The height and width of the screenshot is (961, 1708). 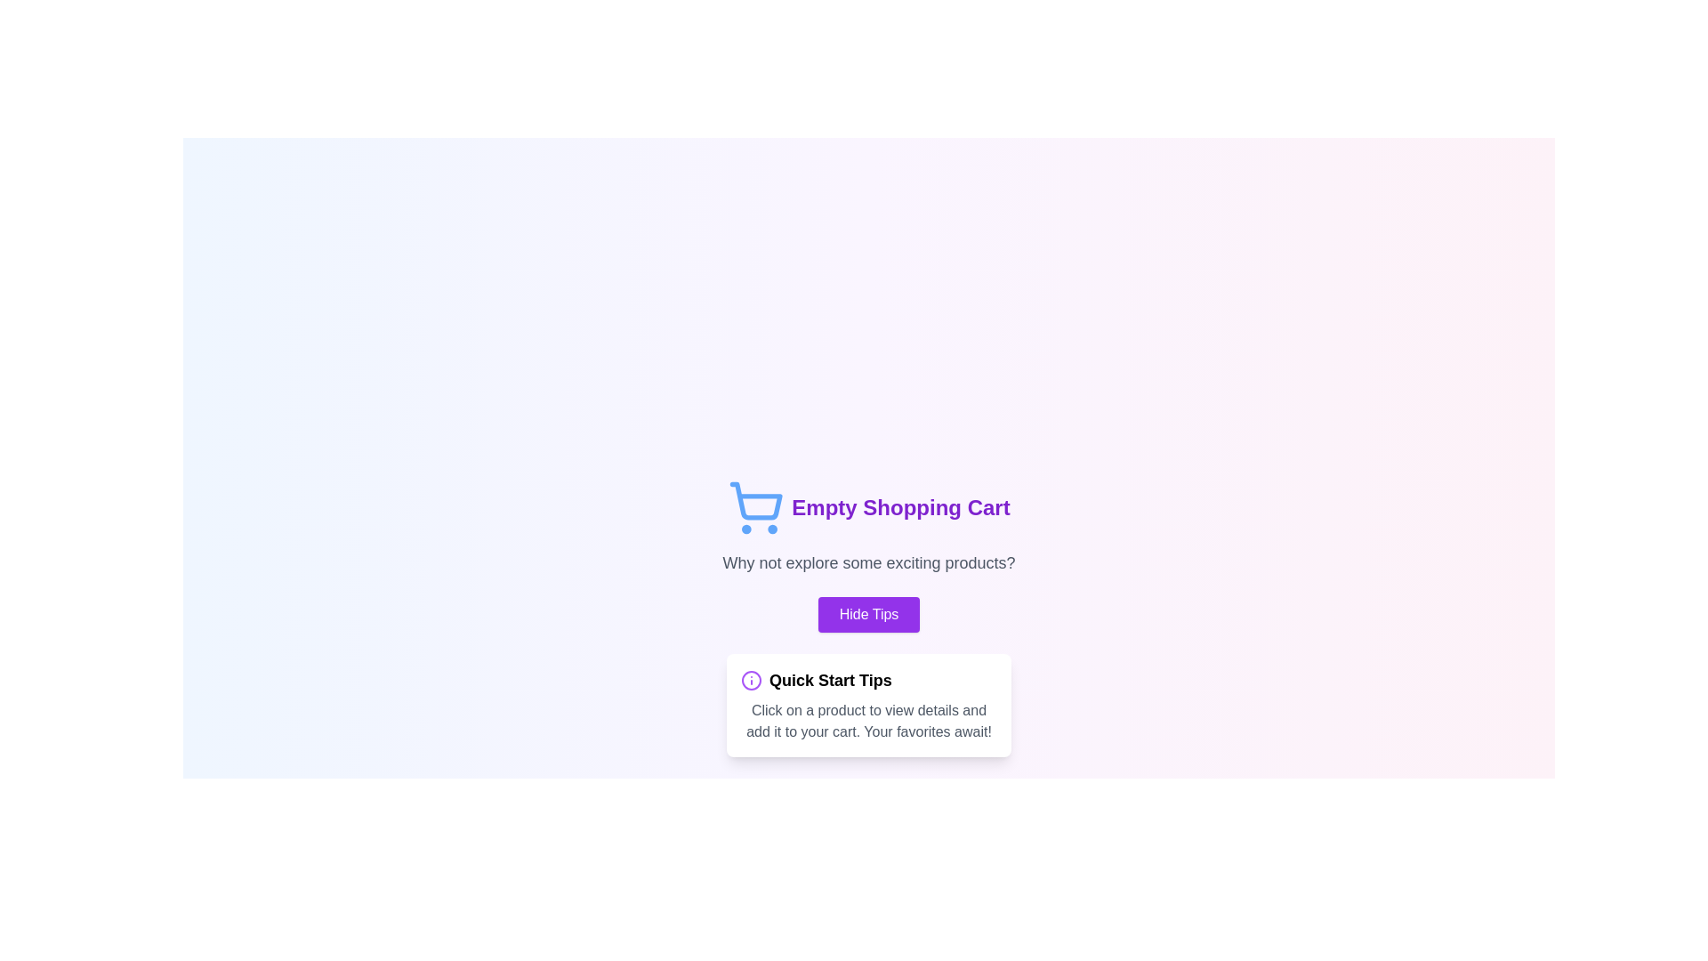 I want to click on the informational indicator icon located on the far left of the 'Quick Start Tips' header, so click(x=751, y=680).